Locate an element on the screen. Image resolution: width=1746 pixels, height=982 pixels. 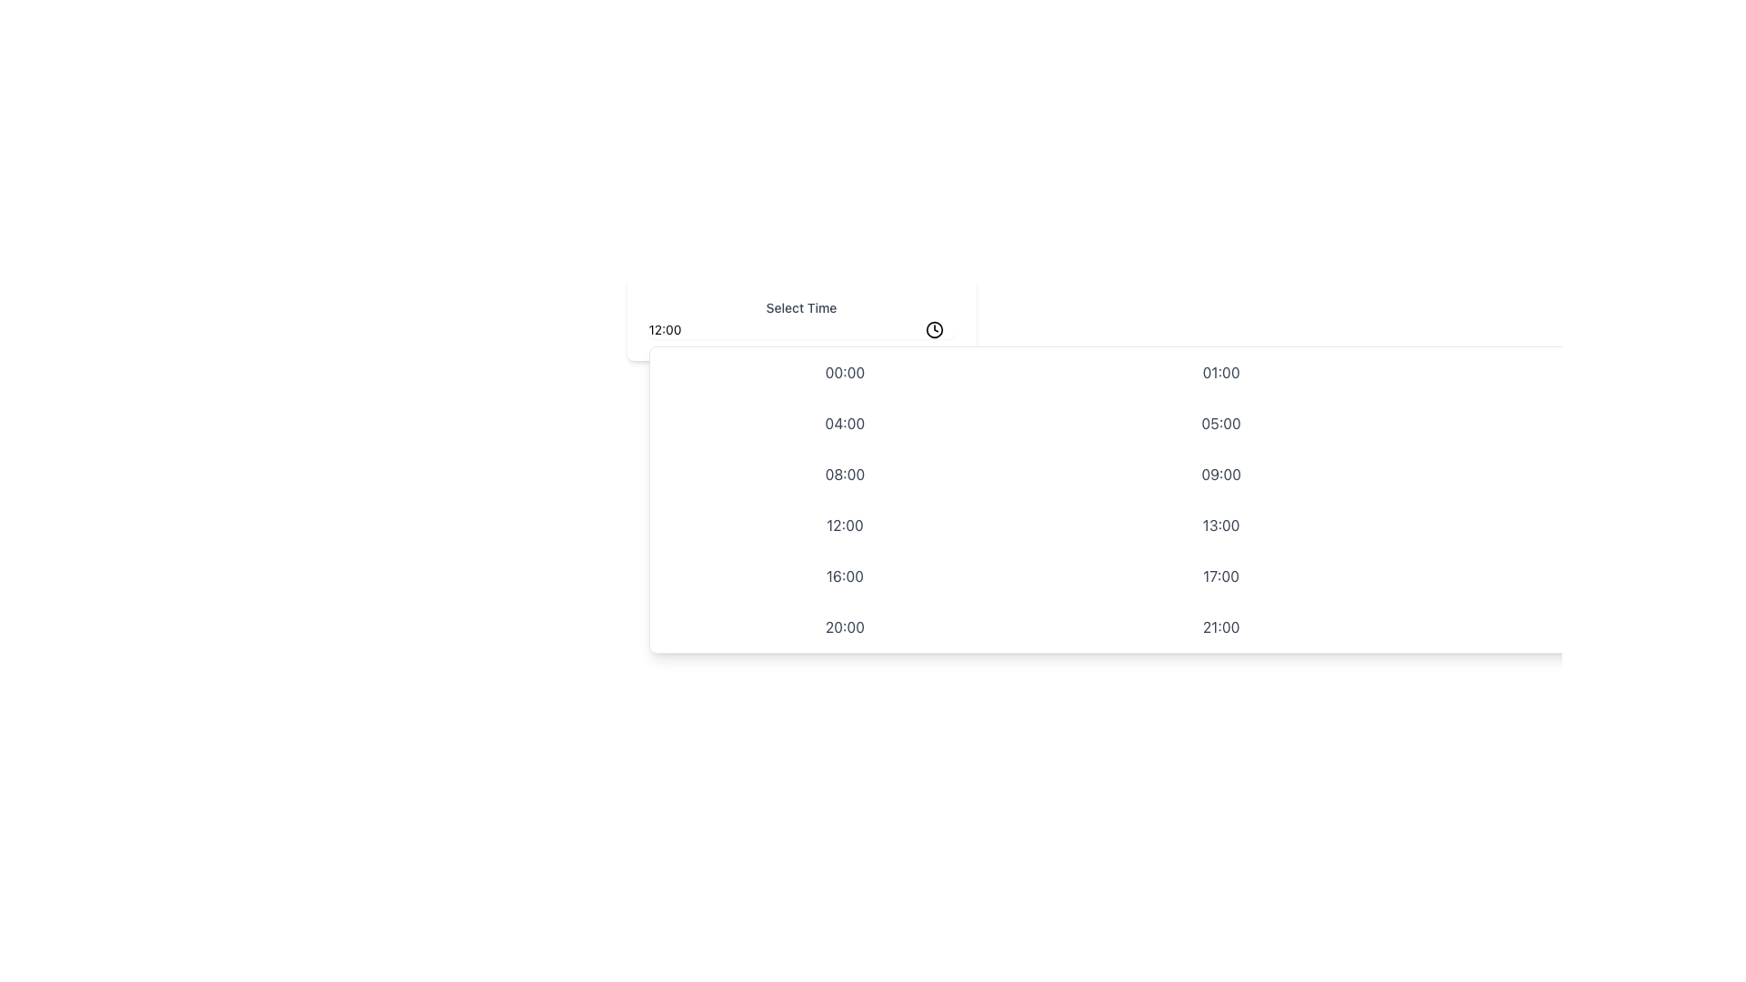
the text label displaying '17:00' to trigger the hover effect that changes the background to an indigo shade is located at coordinates (1221, 576).